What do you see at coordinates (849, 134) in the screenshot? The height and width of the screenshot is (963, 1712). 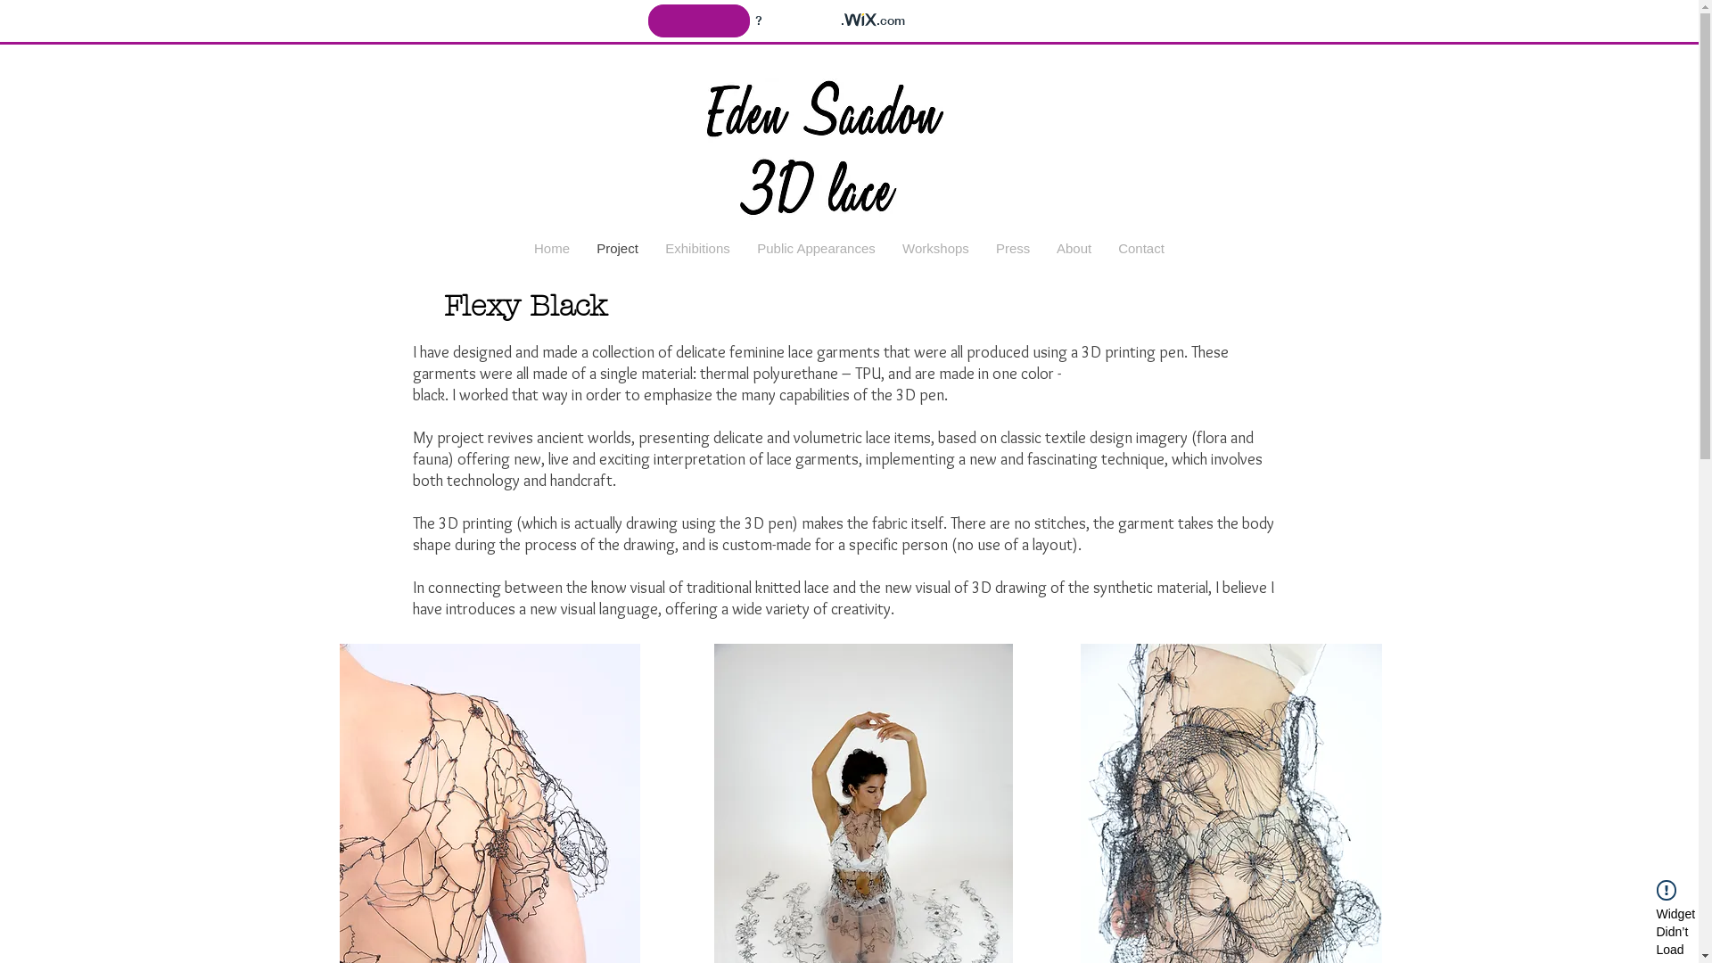 I see `'Eden Saadon'` at bounding box center [849, 134].